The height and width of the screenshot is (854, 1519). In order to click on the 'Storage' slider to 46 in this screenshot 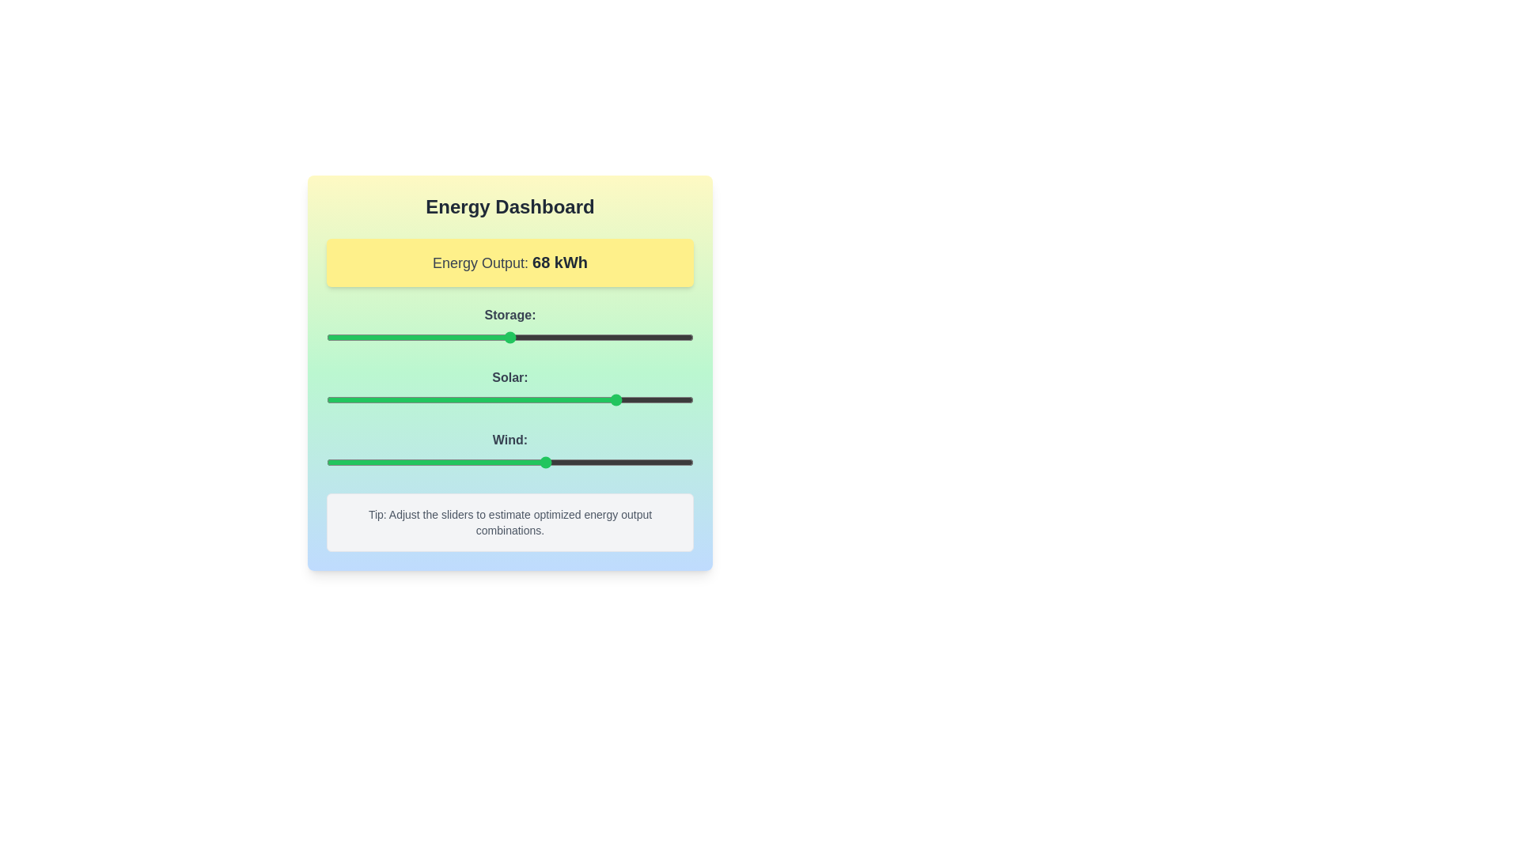, I will do `click(494, 337)`.